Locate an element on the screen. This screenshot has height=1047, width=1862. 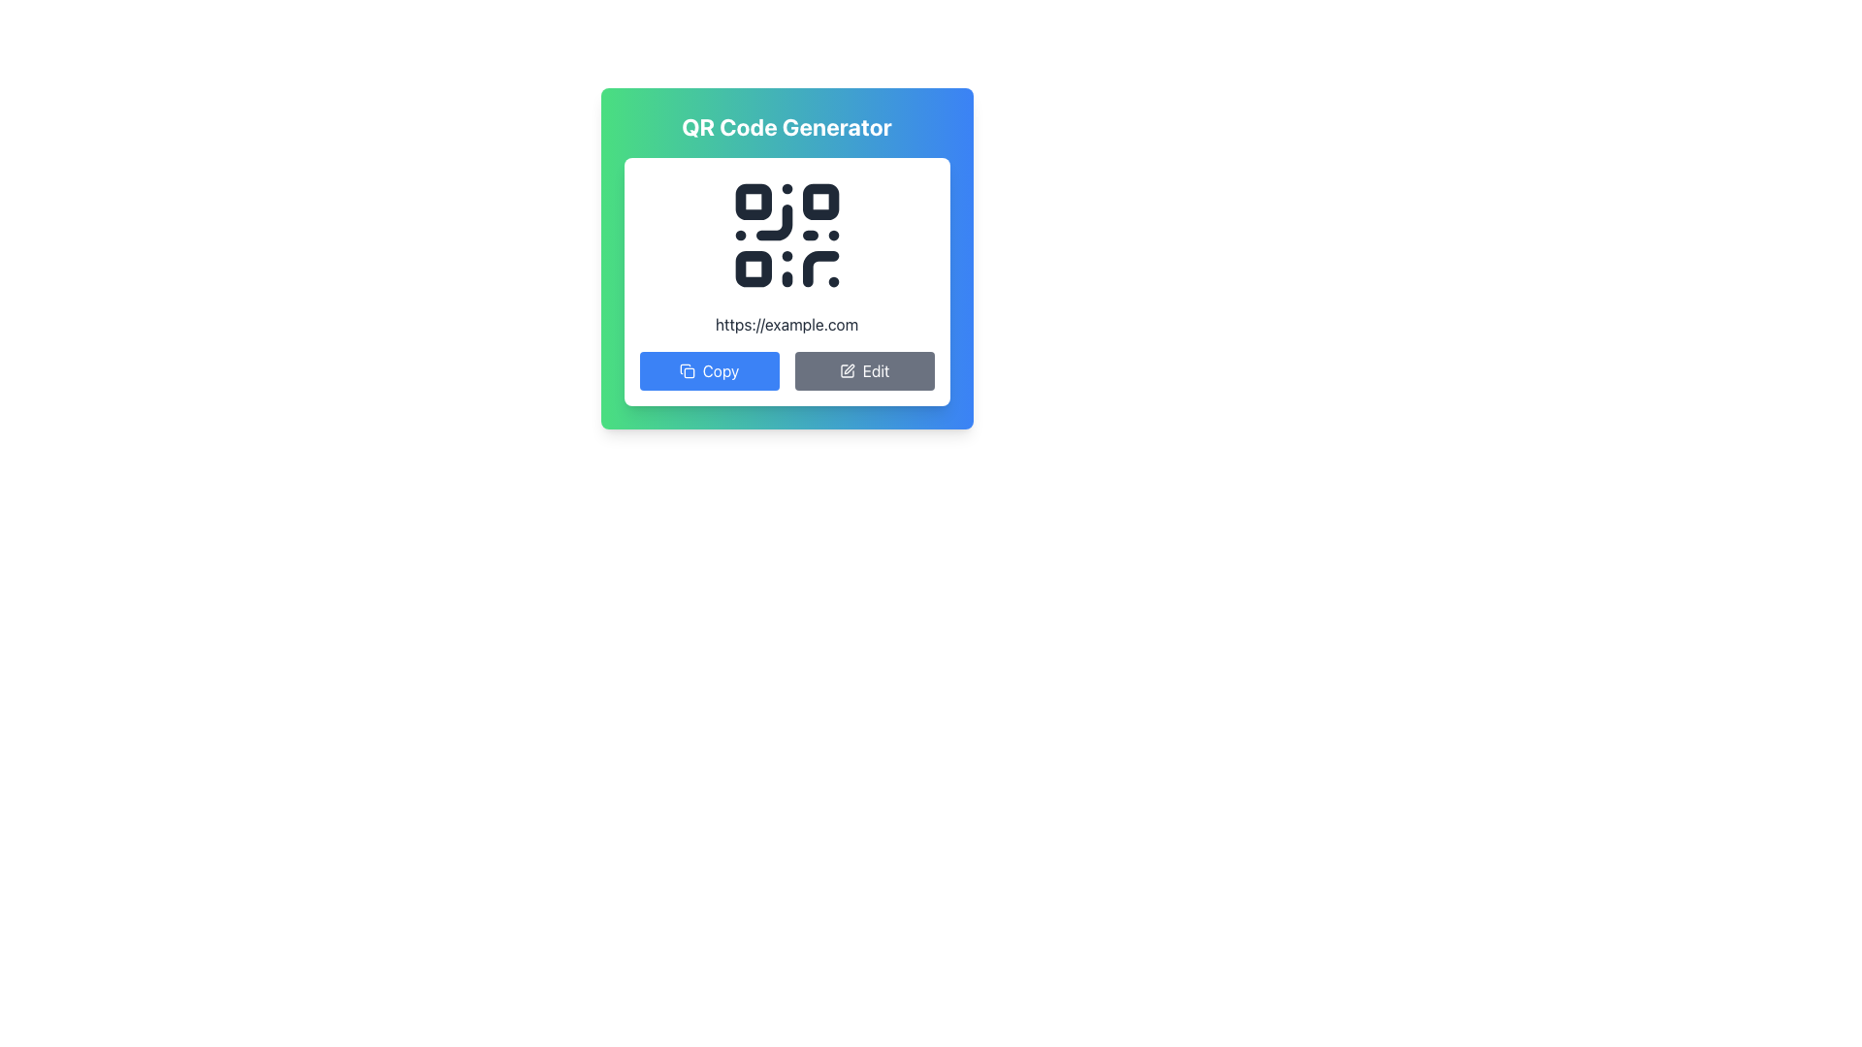
and interact with the top-left corner square of the QR code finder pattern, which is a static graphical element is located at coordinates (752, 202).